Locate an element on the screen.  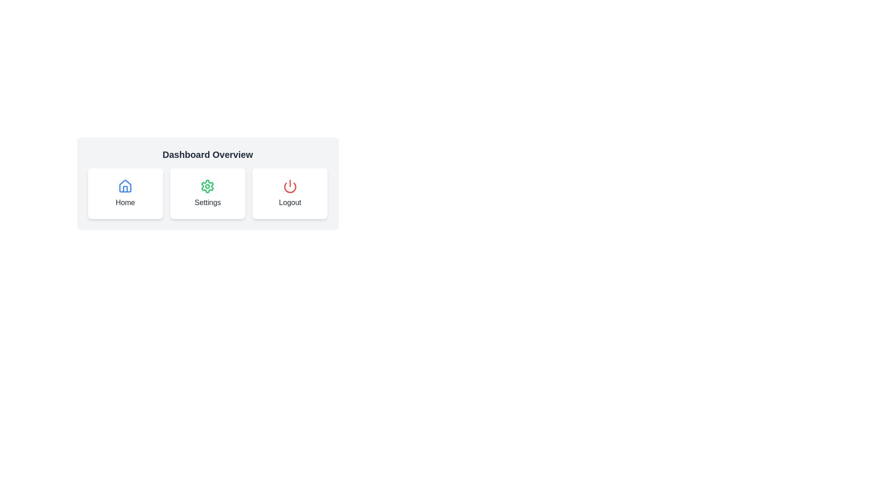
the power button icon, which is styled in red and positioned above the 'Logout' label within its card is located at coordinates (289, 186).